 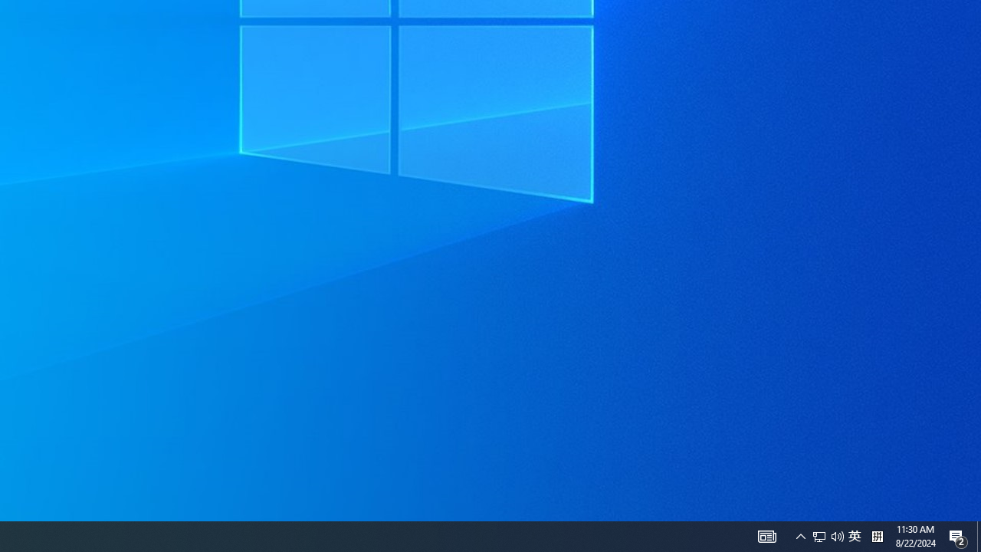 What do you see at coordinates (837, 535) in the screenshot?
I see `'Q2790: 100%'` at bounding box center [837, 535].